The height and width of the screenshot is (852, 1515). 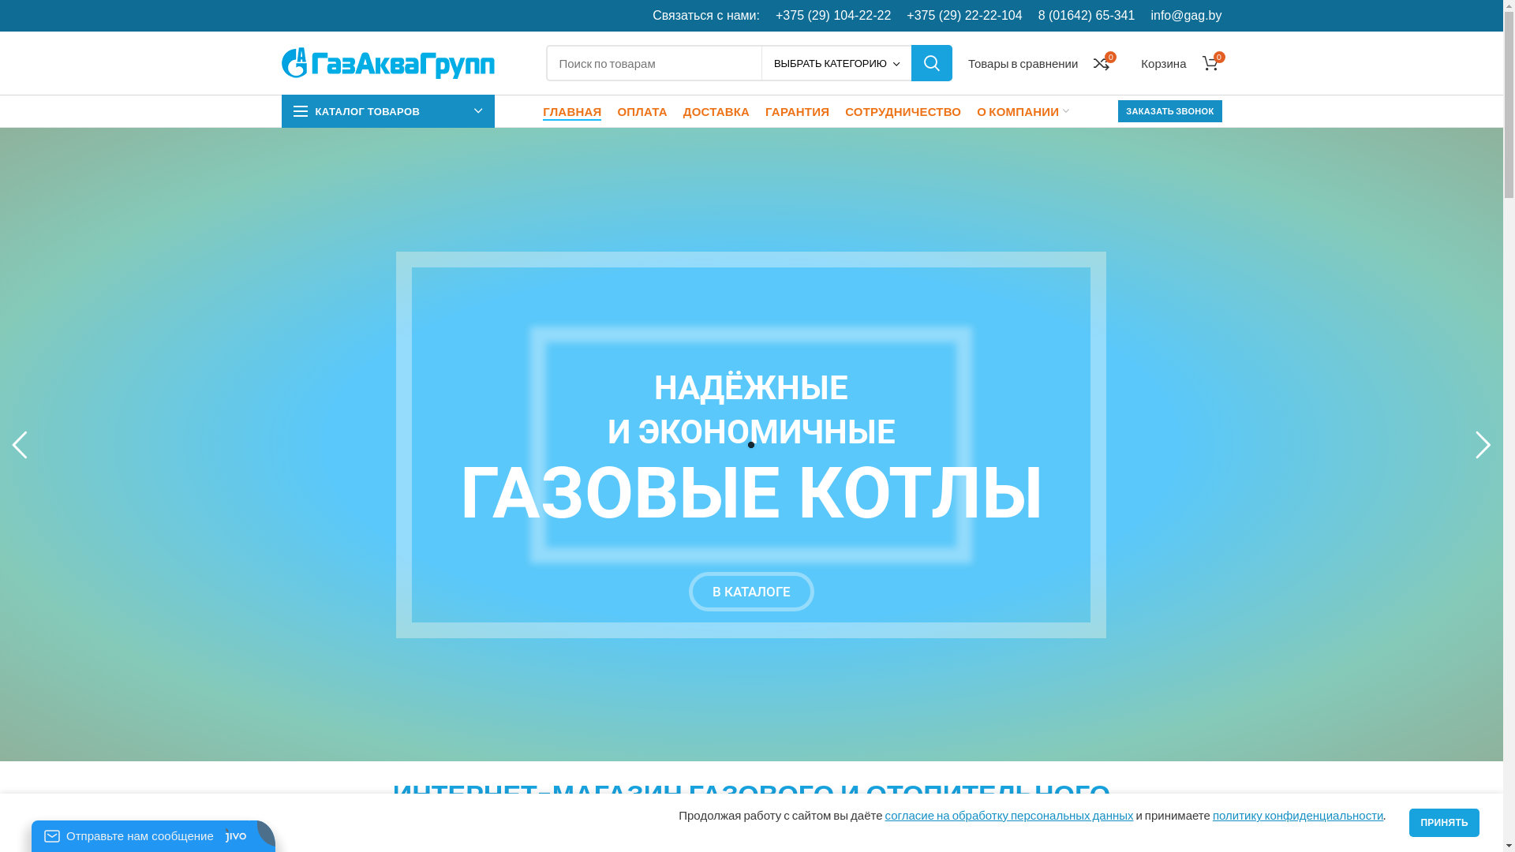 I want to click on 'info@gag.by', so click(x=1185, y=15).